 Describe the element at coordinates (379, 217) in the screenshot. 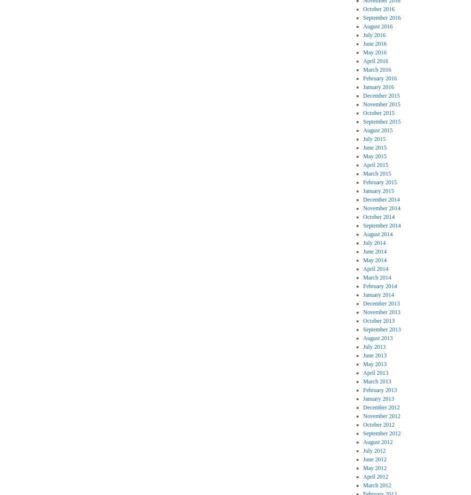

I see `'October 2014'` at that location.